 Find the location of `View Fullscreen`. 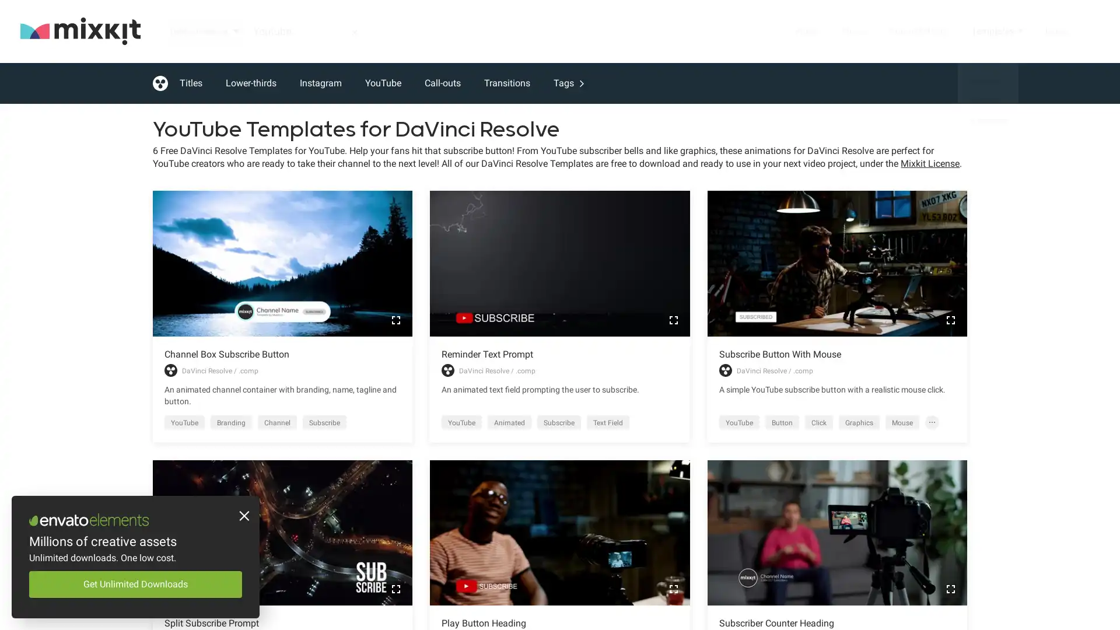

View Fullscreen is located at coordinates (673, 589).